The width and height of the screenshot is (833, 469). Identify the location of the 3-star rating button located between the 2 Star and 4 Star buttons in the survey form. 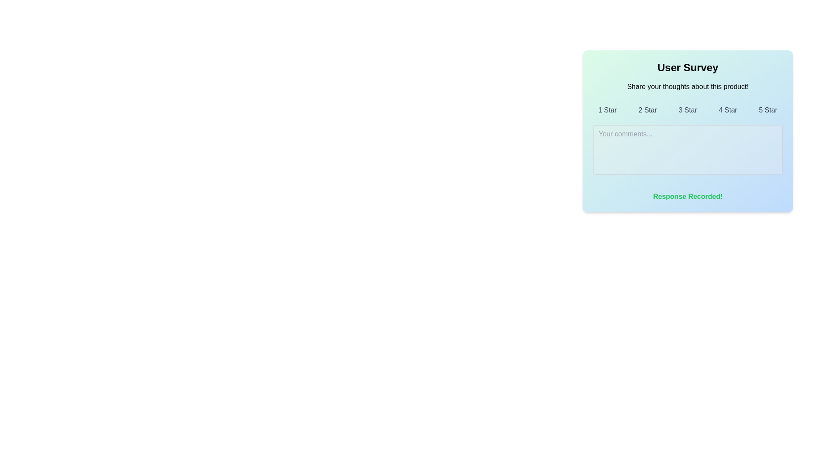
(687, 110).